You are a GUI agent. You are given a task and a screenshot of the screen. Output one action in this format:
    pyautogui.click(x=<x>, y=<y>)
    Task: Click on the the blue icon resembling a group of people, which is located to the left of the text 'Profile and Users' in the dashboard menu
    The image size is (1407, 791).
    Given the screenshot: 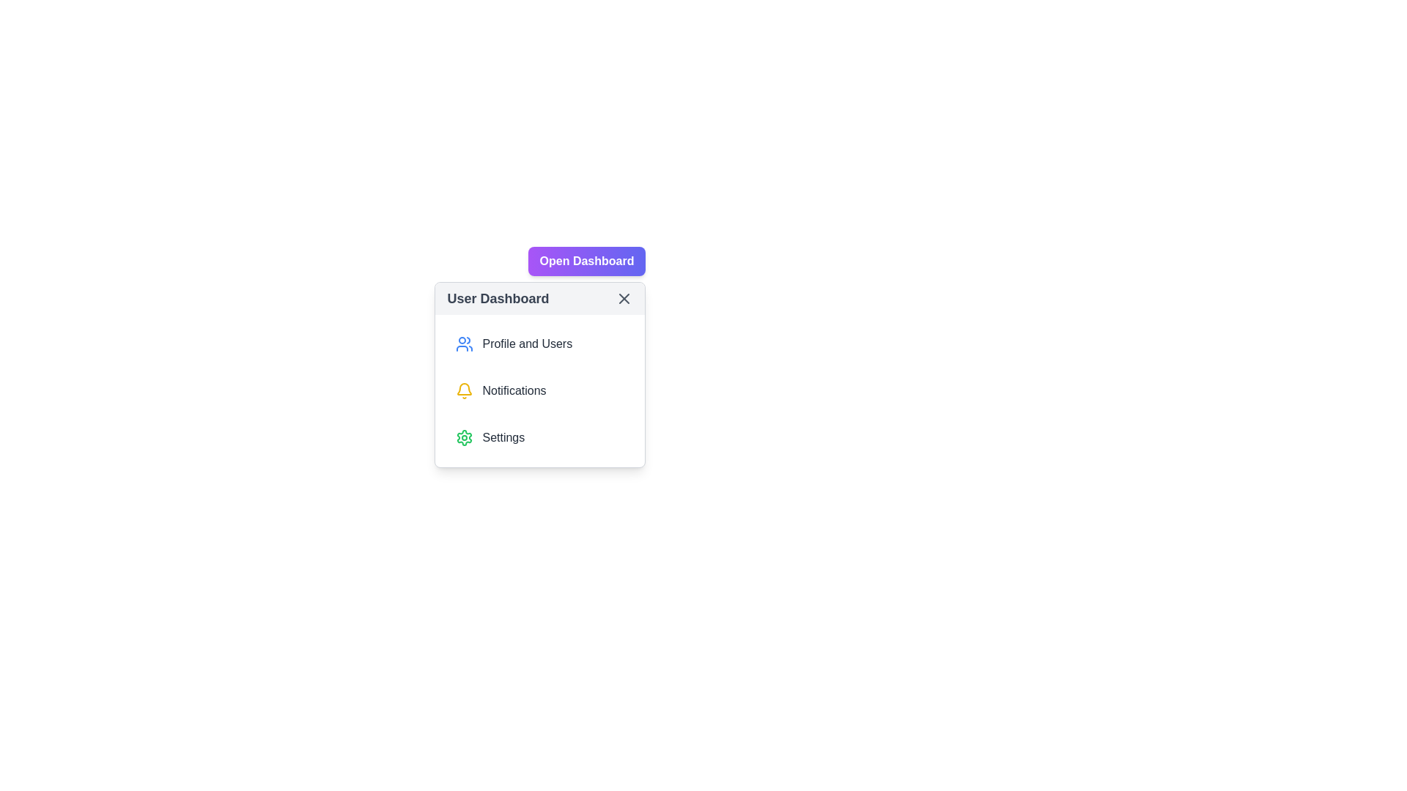 What is the action you would take?
    pyautogui.click(x=464, y=344)
    